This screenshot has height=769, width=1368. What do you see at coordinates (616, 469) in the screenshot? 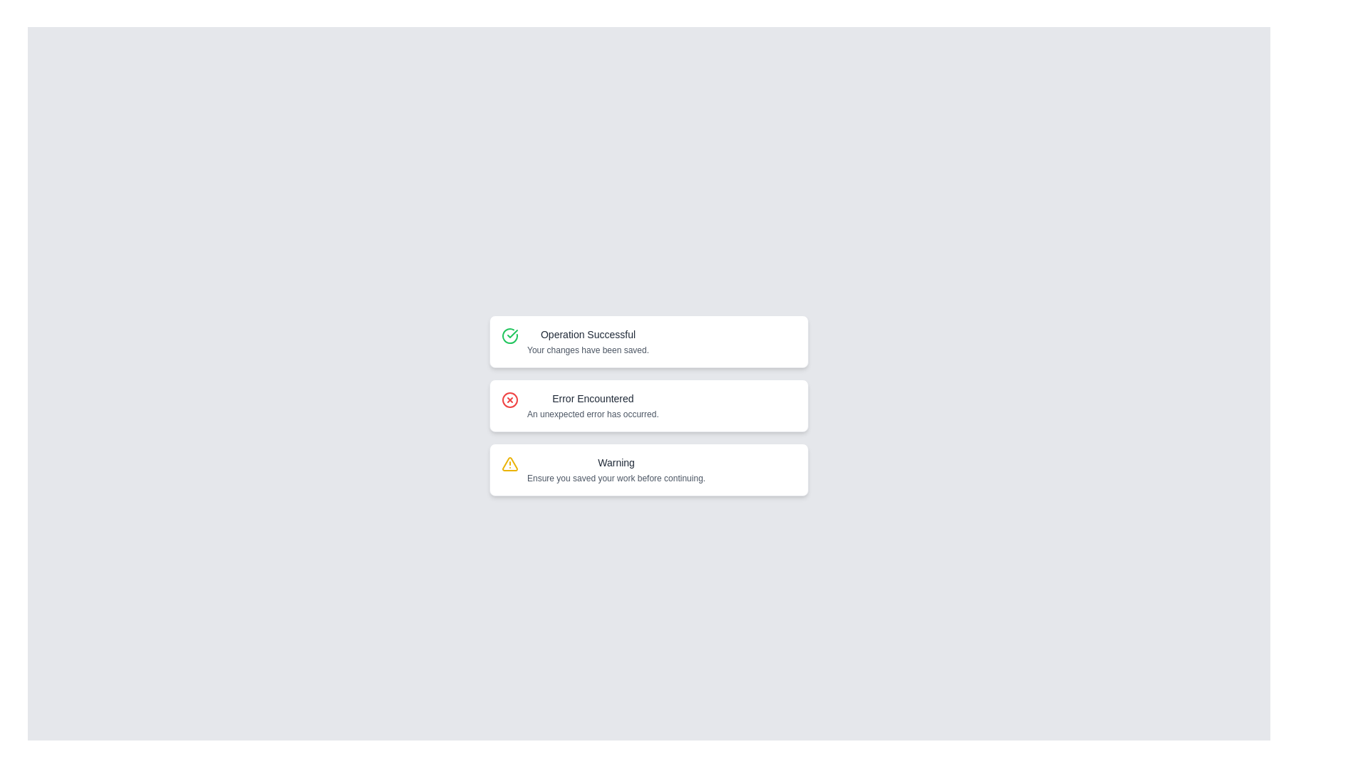
I see `the third notification with a white background and a 'Warning' title, located below the 'Error Encountered' notification` at bounding box center [616, 469].